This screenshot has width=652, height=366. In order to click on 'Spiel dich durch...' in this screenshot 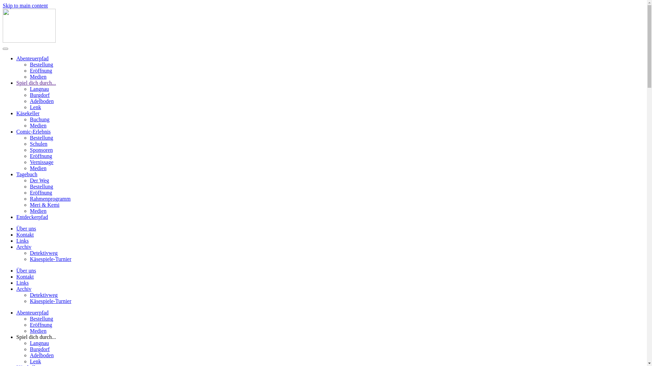, I will do `click(36, 82)`.